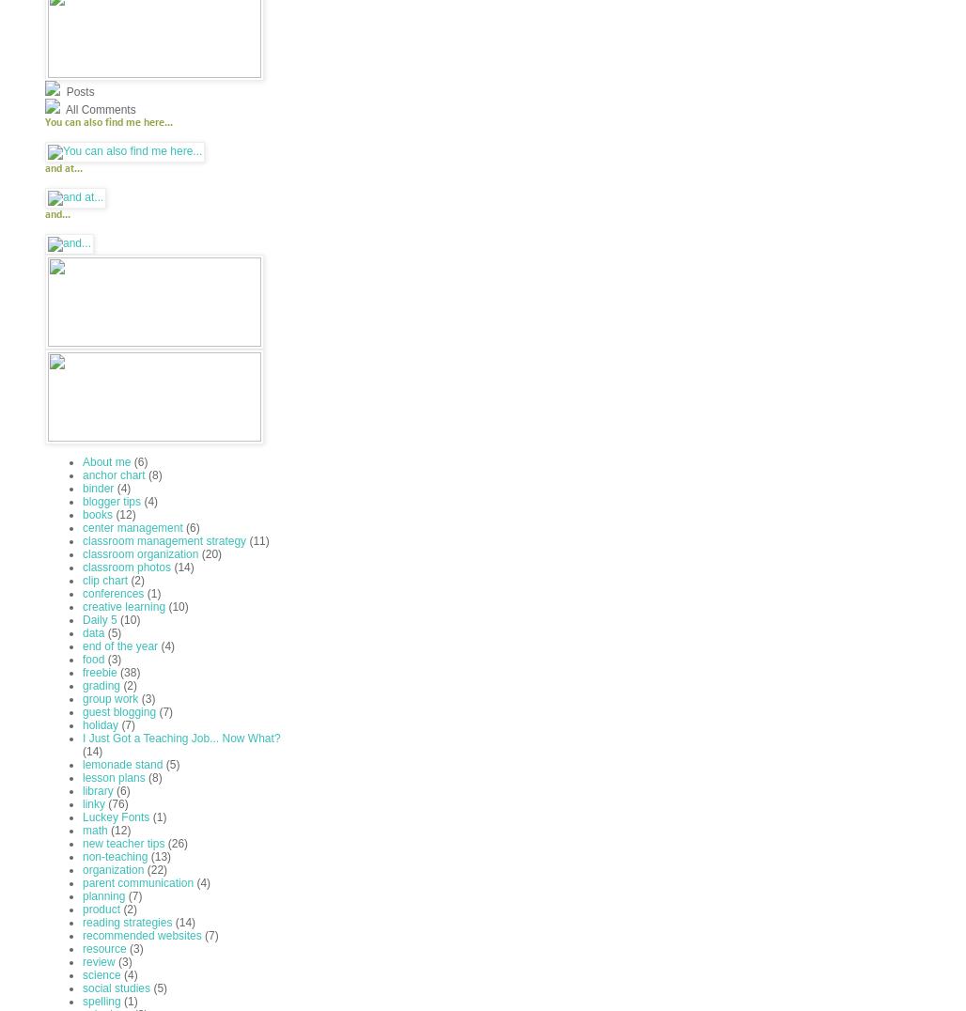  Describe the element at coordinates (81, 803) in the screenshot. I see `'linky'` at that location.